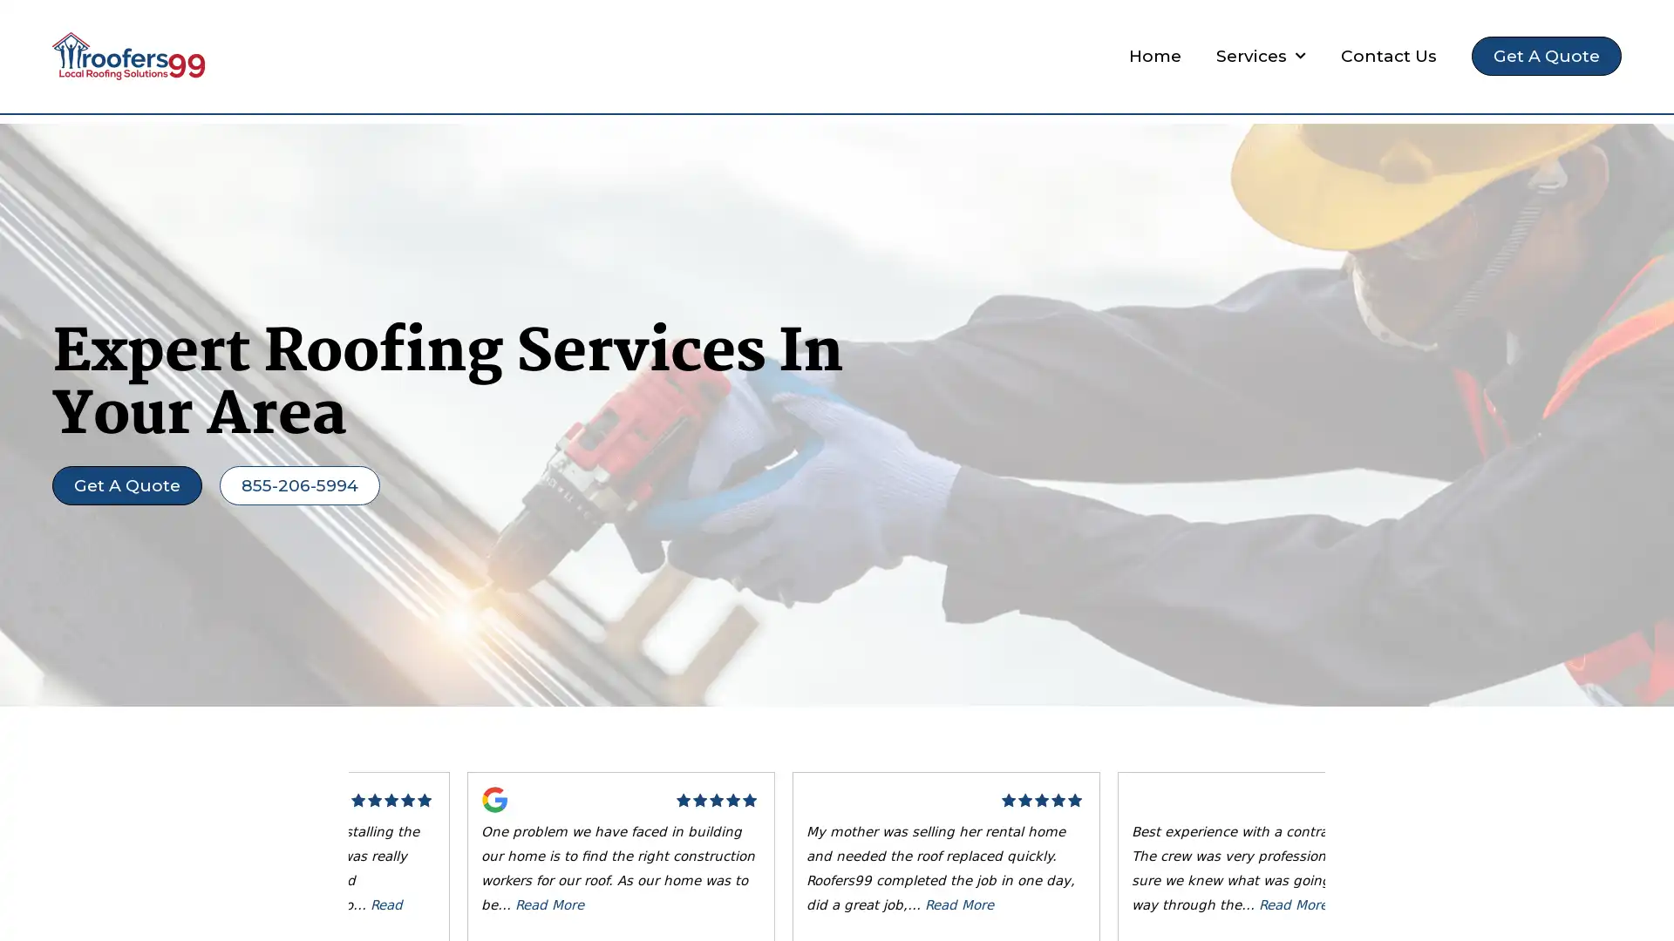 The height and width of the screenshot is (941, 1674). I want to click on Get A Quote, so click(1547, 55).